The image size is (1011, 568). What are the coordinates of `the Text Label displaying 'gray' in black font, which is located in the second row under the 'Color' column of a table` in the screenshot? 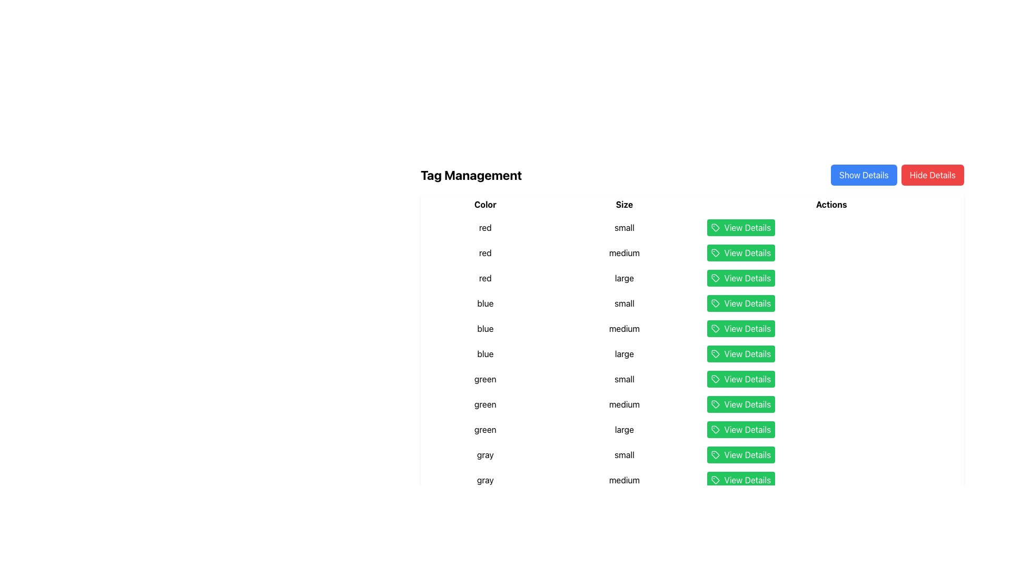 It's located at (484, 480).